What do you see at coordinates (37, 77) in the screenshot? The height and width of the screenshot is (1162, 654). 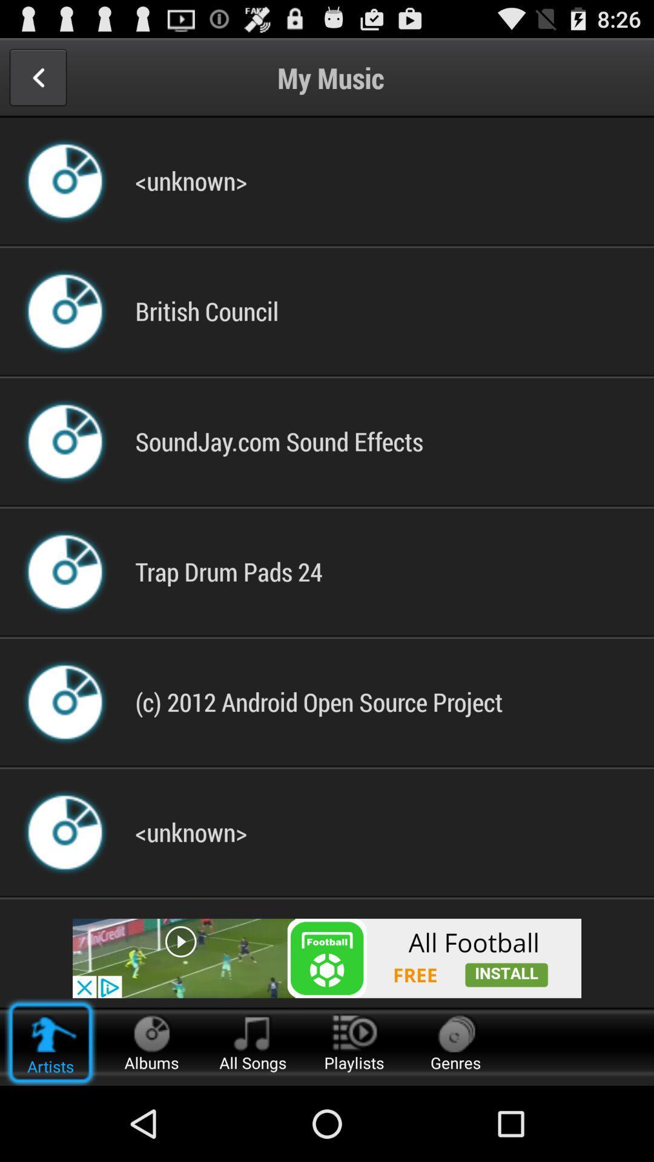 I see `previous` at bounding box center [37, 77].